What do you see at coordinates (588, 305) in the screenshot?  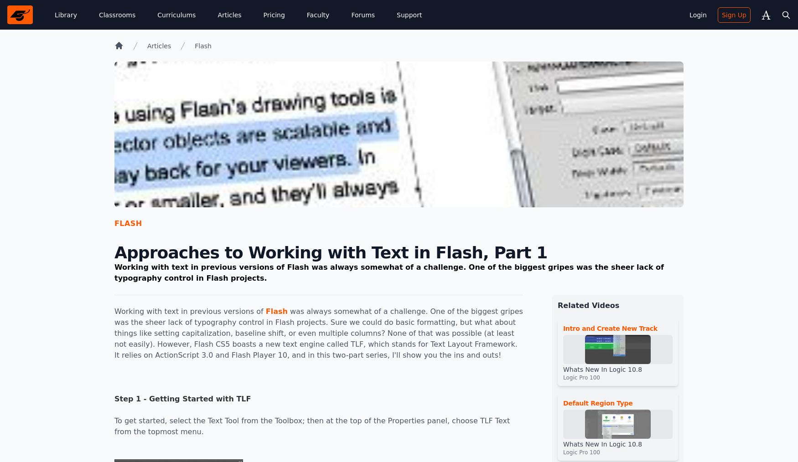 I see `'Related Videos'` at bounding box center [588, 305].